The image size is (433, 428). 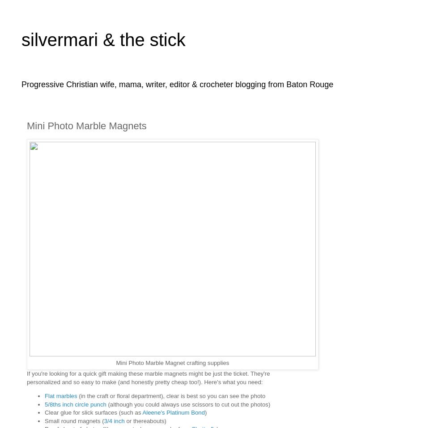 What do you see at coordinates (86, 125) in the screenshot?
I see `'Mini Photo Marble Magnets'` at bounding box center [86, 125].